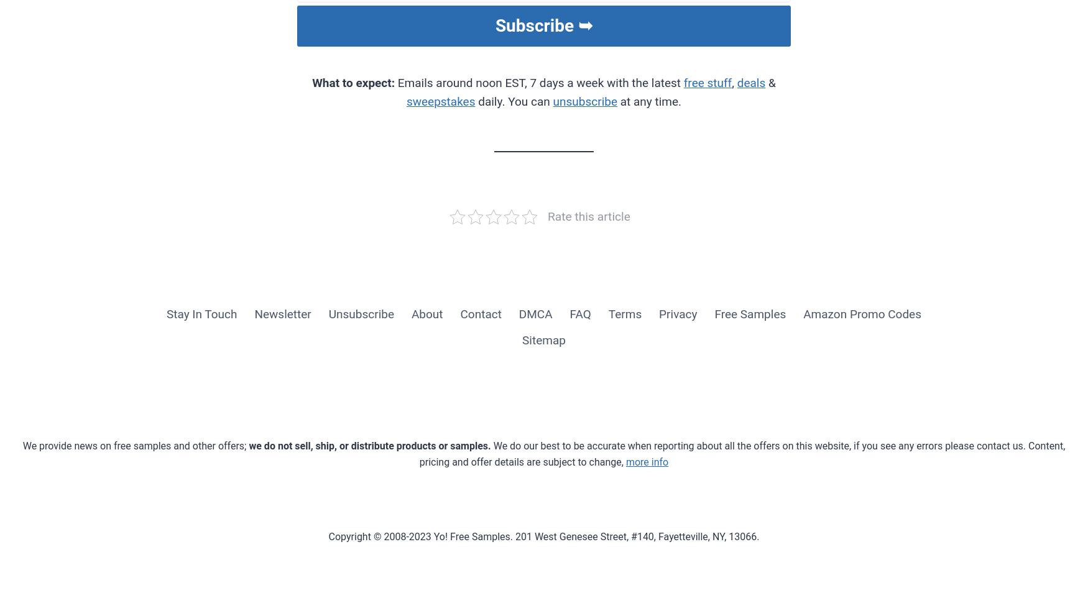  Describe the element at coordinates (540, 82) in the screenshot. I see `'Emails around noon EST, 7 days a week with the latest'` at that location.